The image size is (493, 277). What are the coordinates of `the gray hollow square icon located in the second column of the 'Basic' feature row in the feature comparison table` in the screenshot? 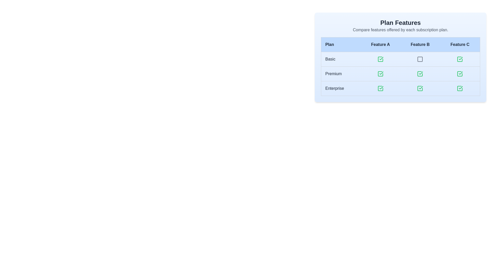 It's located at (420, 59).